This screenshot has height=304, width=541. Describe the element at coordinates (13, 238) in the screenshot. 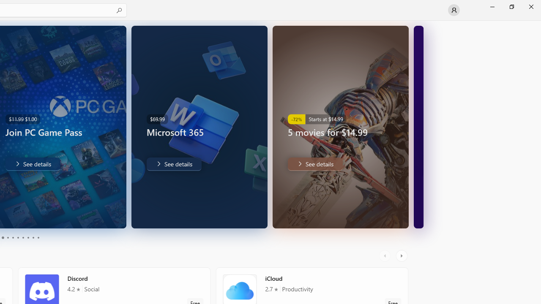

I see `'Page 5'` at that location.